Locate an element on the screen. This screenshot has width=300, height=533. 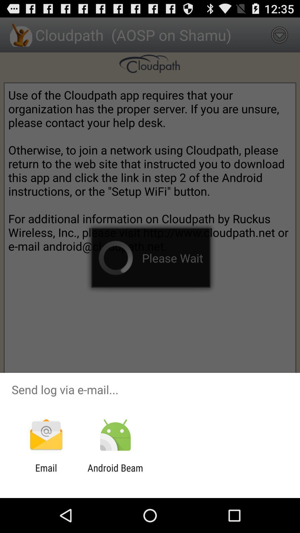
the app next to android beam is located at coordinates (46, 473).